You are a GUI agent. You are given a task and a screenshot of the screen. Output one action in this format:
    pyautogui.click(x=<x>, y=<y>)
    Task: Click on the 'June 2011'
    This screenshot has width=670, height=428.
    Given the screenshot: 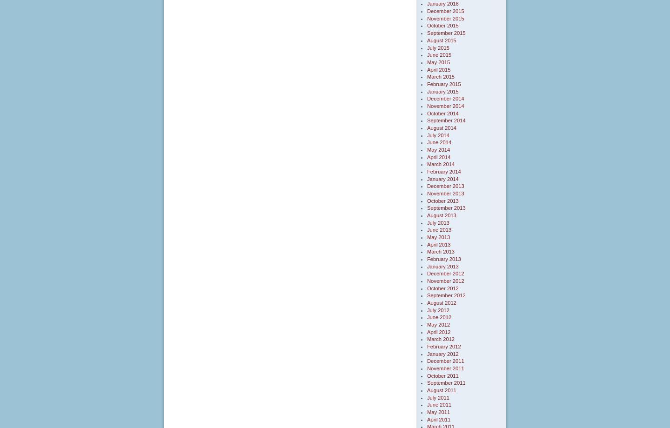 What is the action you would take?
    pyautogui.click(x=439, y=404)
    